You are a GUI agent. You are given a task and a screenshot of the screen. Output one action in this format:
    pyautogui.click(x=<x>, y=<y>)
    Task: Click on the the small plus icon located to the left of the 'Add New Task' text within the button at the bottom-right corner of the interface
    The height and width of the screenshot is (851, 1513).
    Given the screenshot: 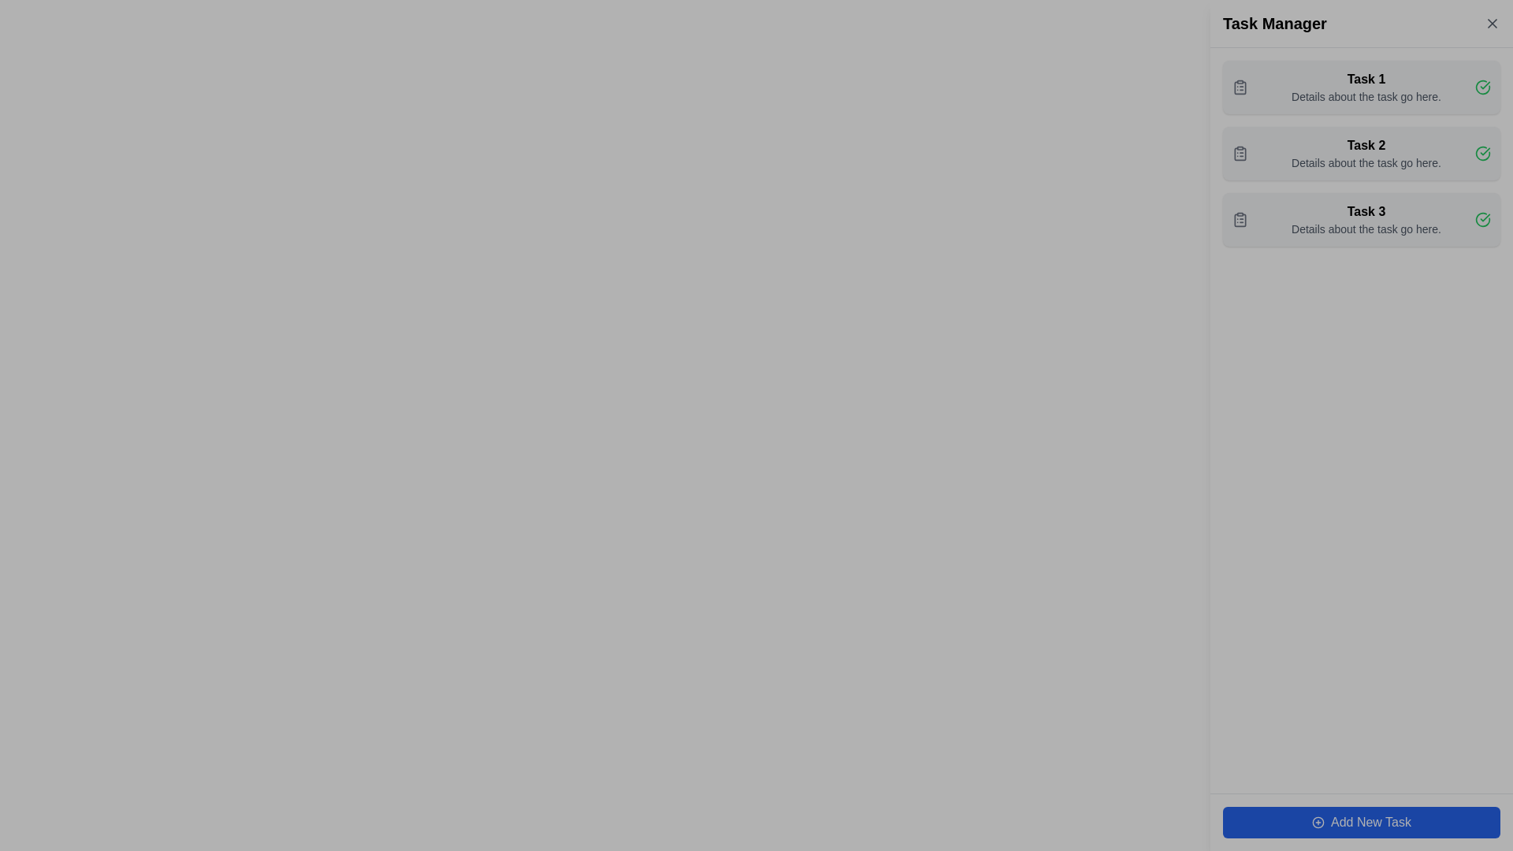 What is the action you would take?
    pyautogui.click(x=1318, y=822)
    